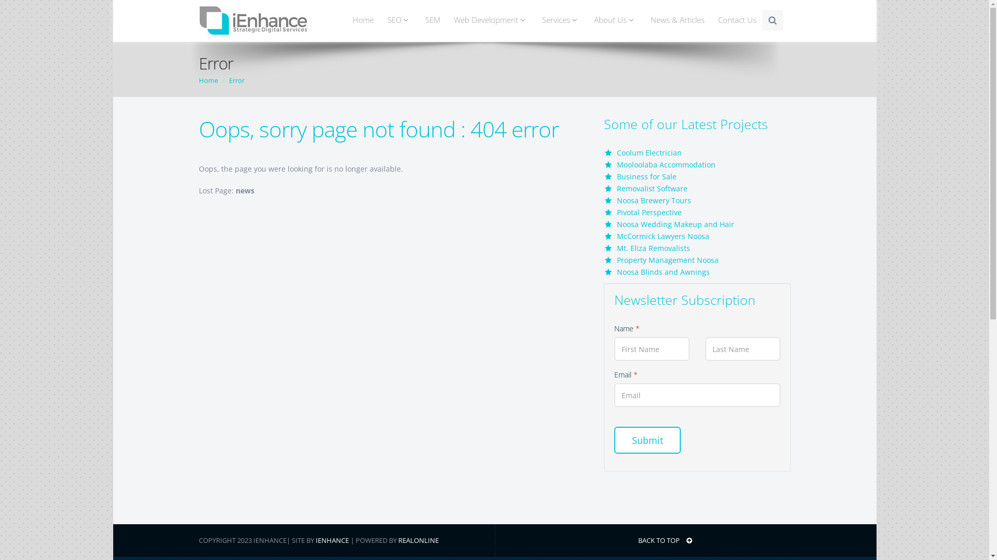  Describe the element at coordinates (236, 79) in the screenshot. I see `'Error'` at that location.